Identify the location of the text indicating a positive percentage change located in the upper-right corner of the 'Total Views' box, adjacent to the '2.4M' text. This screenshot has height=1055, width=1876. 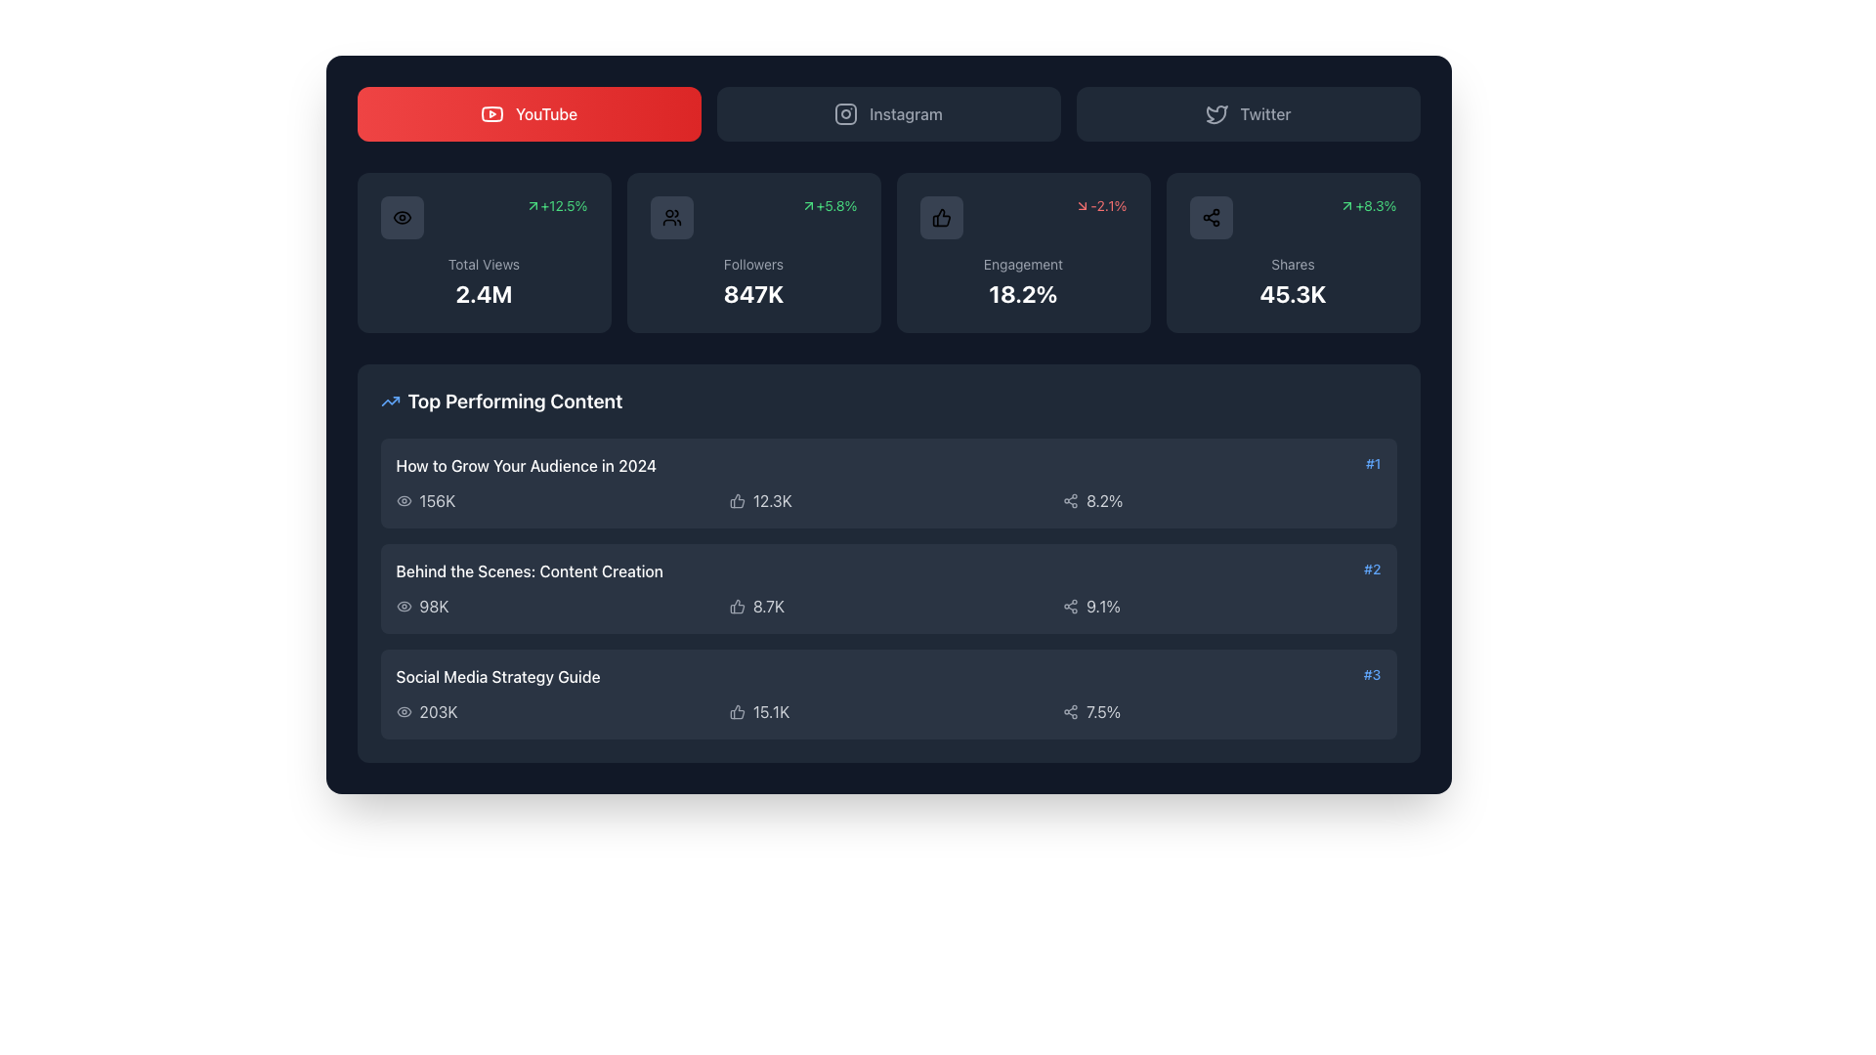
(555, 206).